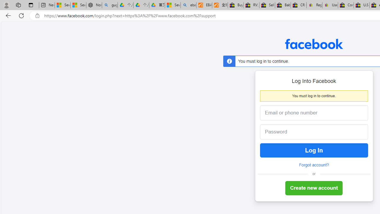  Describe the element at coordinates (346, 5) in the screenshot. I see `'Consumer Health Data Privacy Policy - eBay Inc.'` at that location.